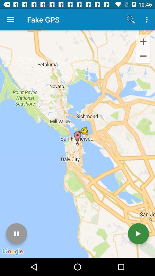 Image resolution: width=155 pixels, height=276 pixels. Describe the element at coordinates (143, 41) in the screenshot. I see `the add icon` at that location.